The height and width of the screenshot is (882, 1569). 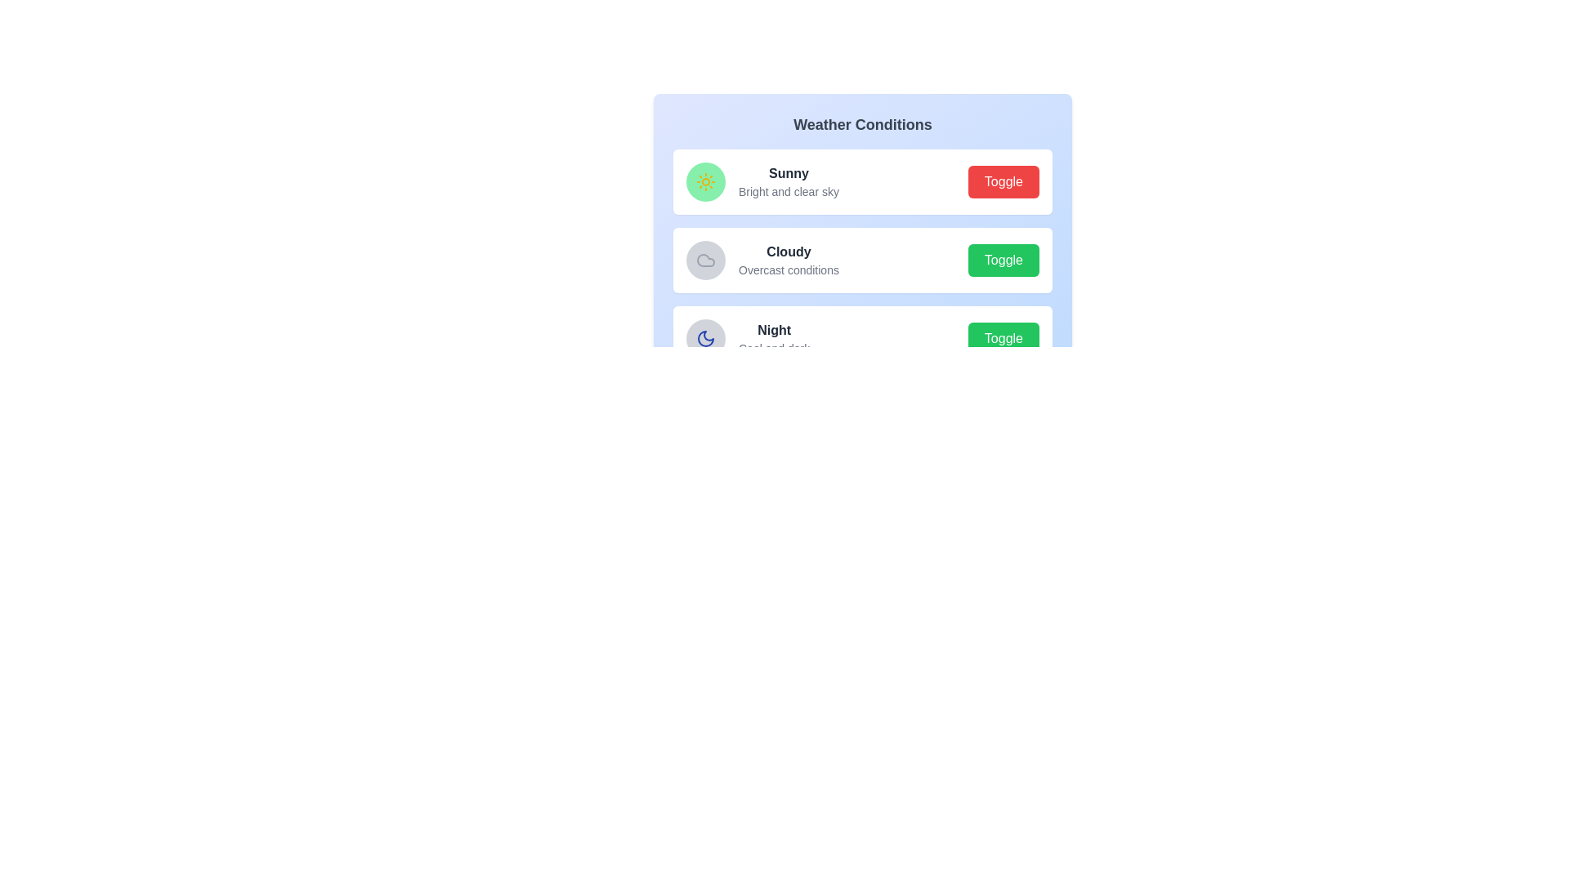 What do you see at coordinates (1003, 260) in the screenshot?
I see `the toggle button for Cloudy` at bounding box center [1003, 260].